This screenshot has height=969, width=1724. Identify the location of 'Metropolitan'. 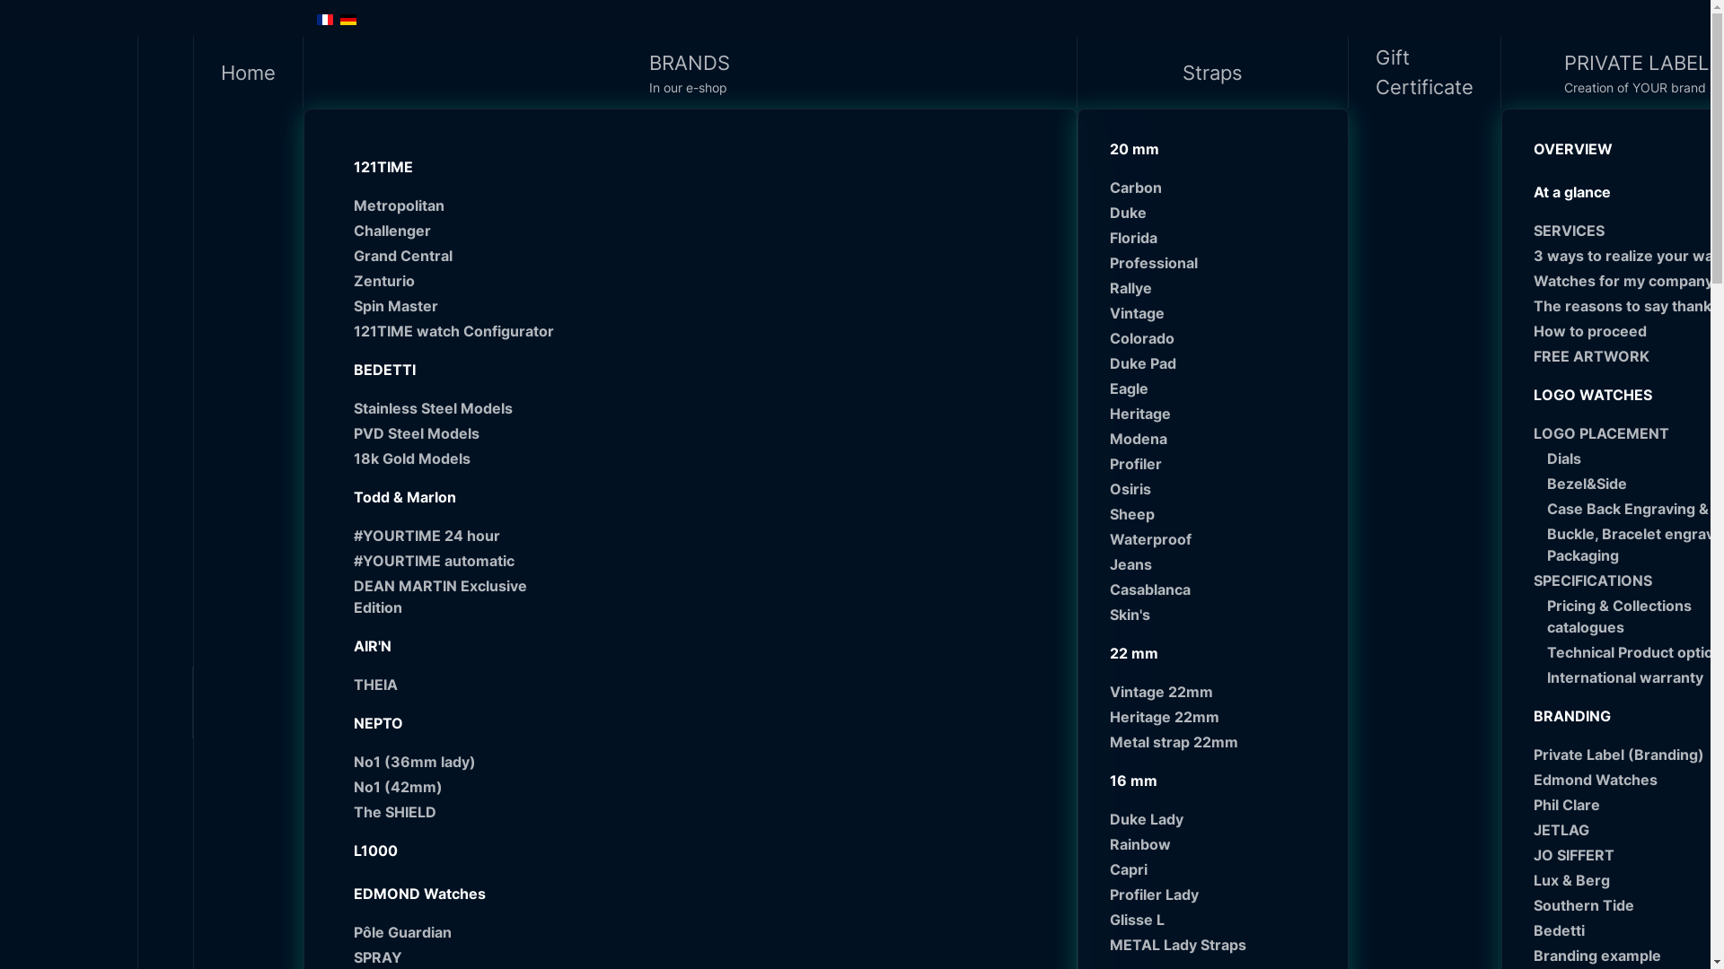
(454, 204).